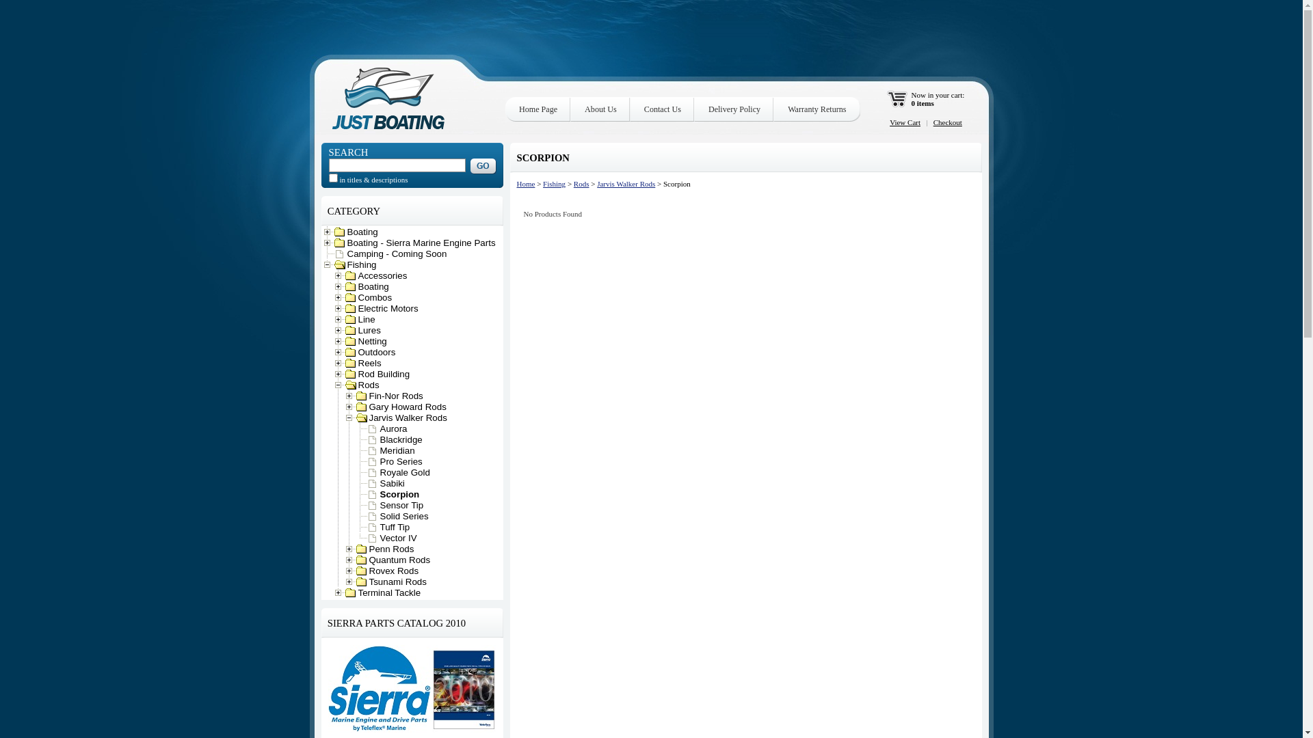 The height and width of the screenshot is (738, 1313). Describe the element at coordinates (554, 183) in the screenshot. I see `'Fishing'` at that location.